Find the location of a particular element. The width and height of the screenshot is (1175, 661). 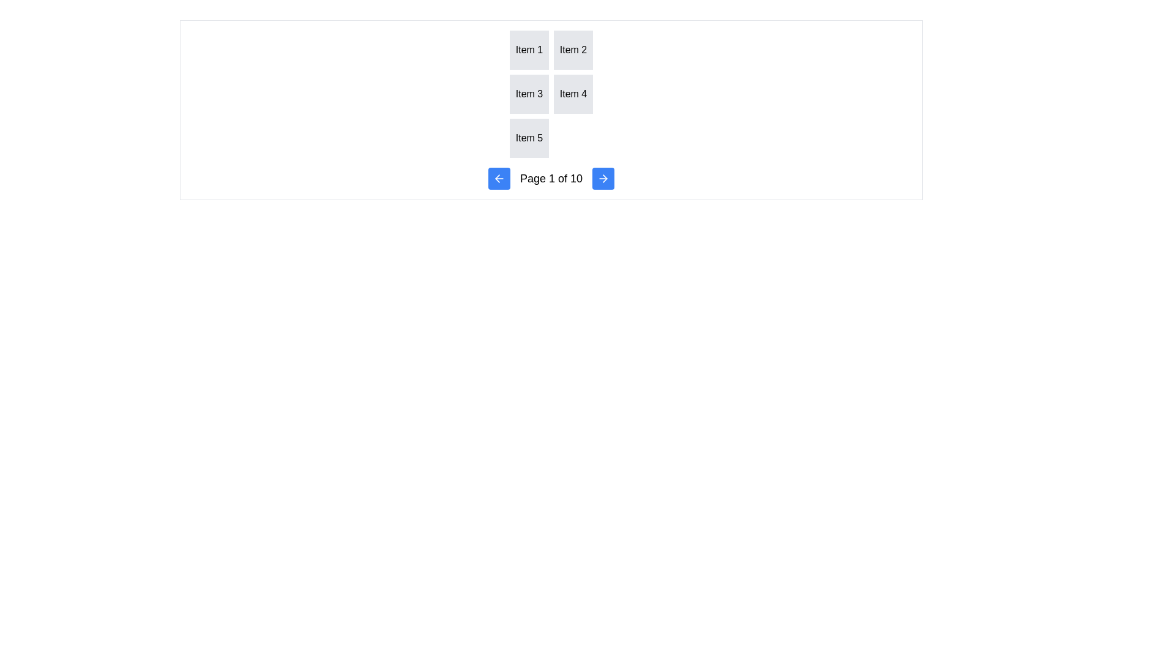

the blue rectangular button with a left-pointing white arrow icon, located to the left of the text 'Page 1 of 10' is located at coordinates (499, 179).